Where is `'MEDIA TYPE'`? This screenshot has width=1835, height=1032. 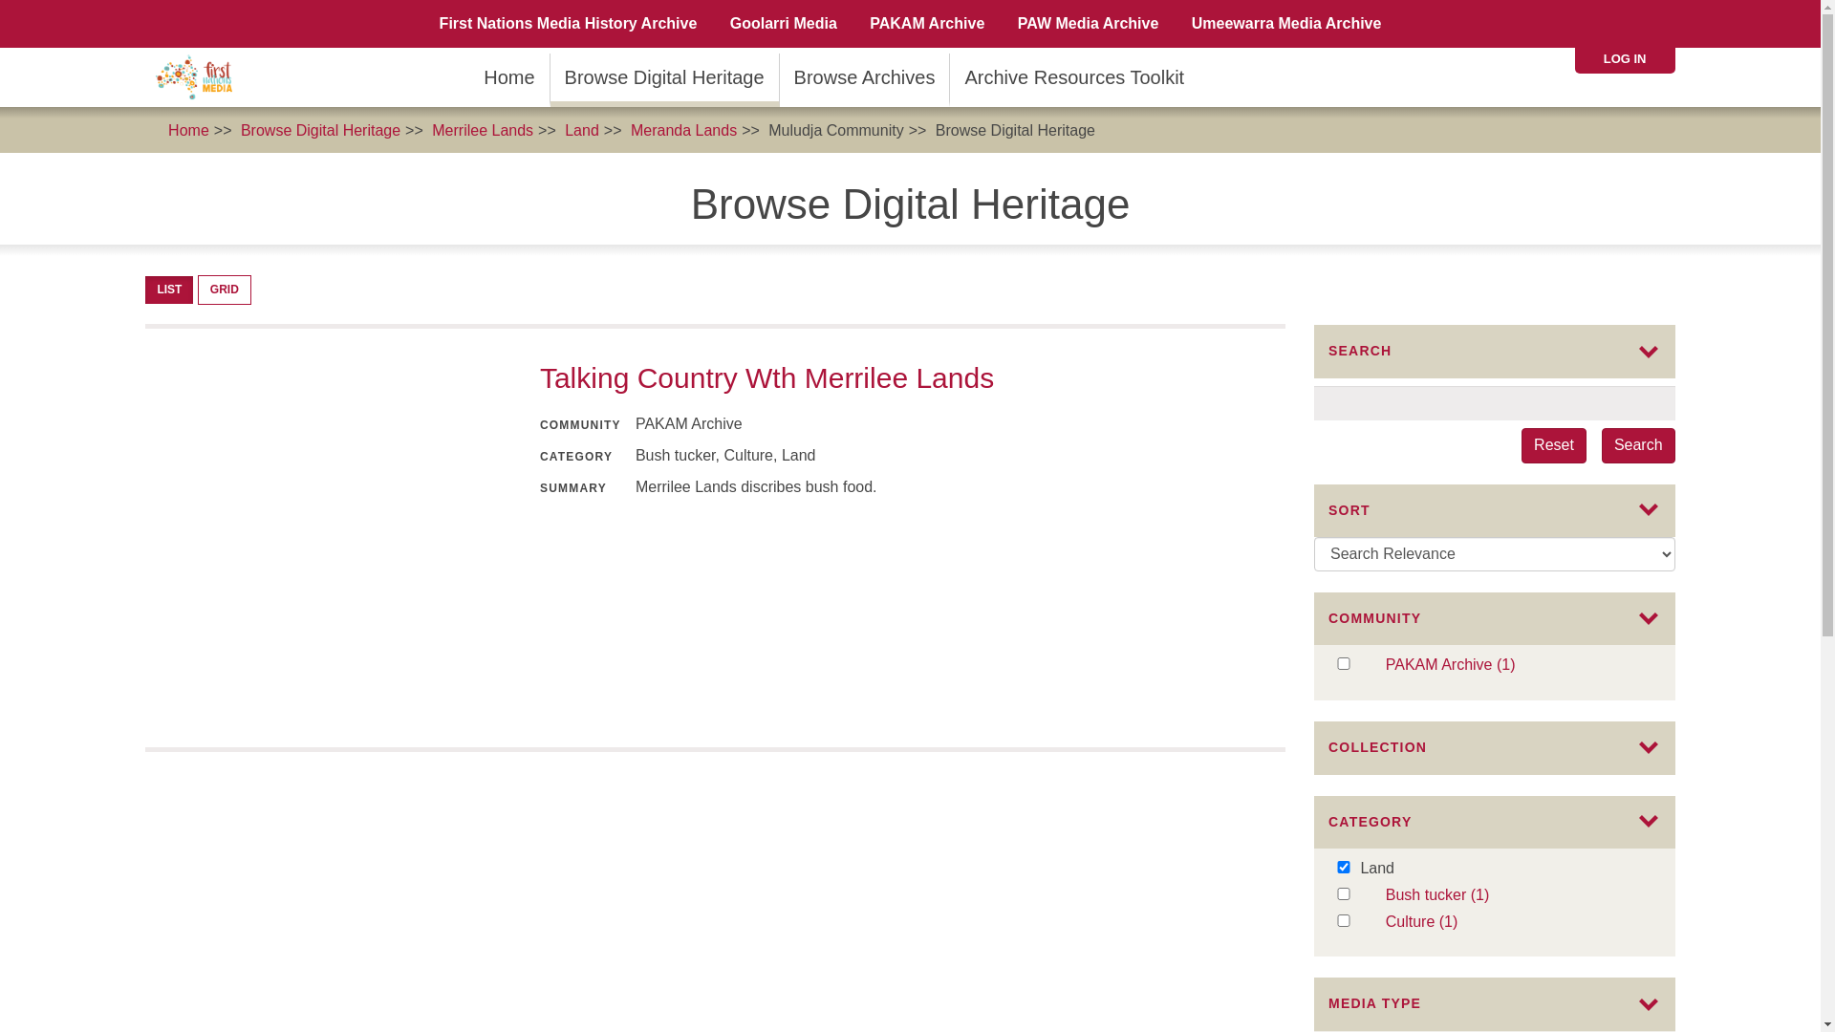
'MEDIA TYPE' is located at coordinates (1494, 1002).